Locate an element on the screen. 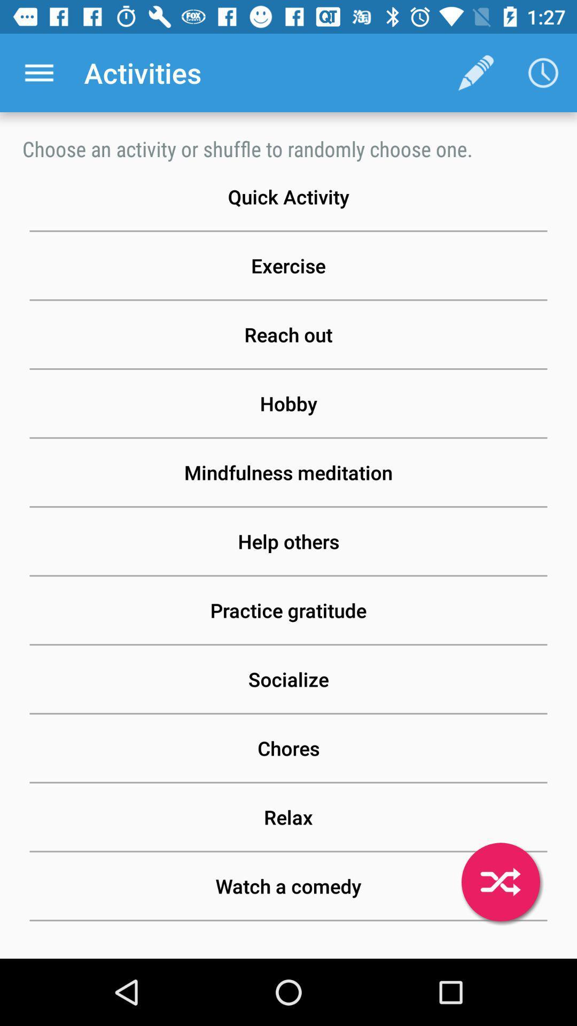 This screenshot has width=577, height=1026. the hobby is located at coordinates (288, 403).